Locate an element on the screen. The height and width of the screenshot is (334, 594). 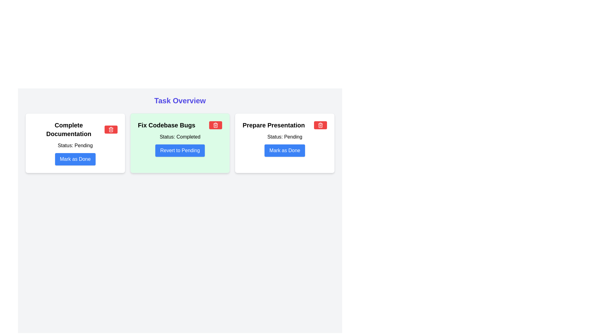
the button labeled 'Mark as Done' with rounded corners and a blue background, located at the center bottom of the 'Complete Documentation' card, below the status text 'Status: Pending' is located at coordinates (75, 159).